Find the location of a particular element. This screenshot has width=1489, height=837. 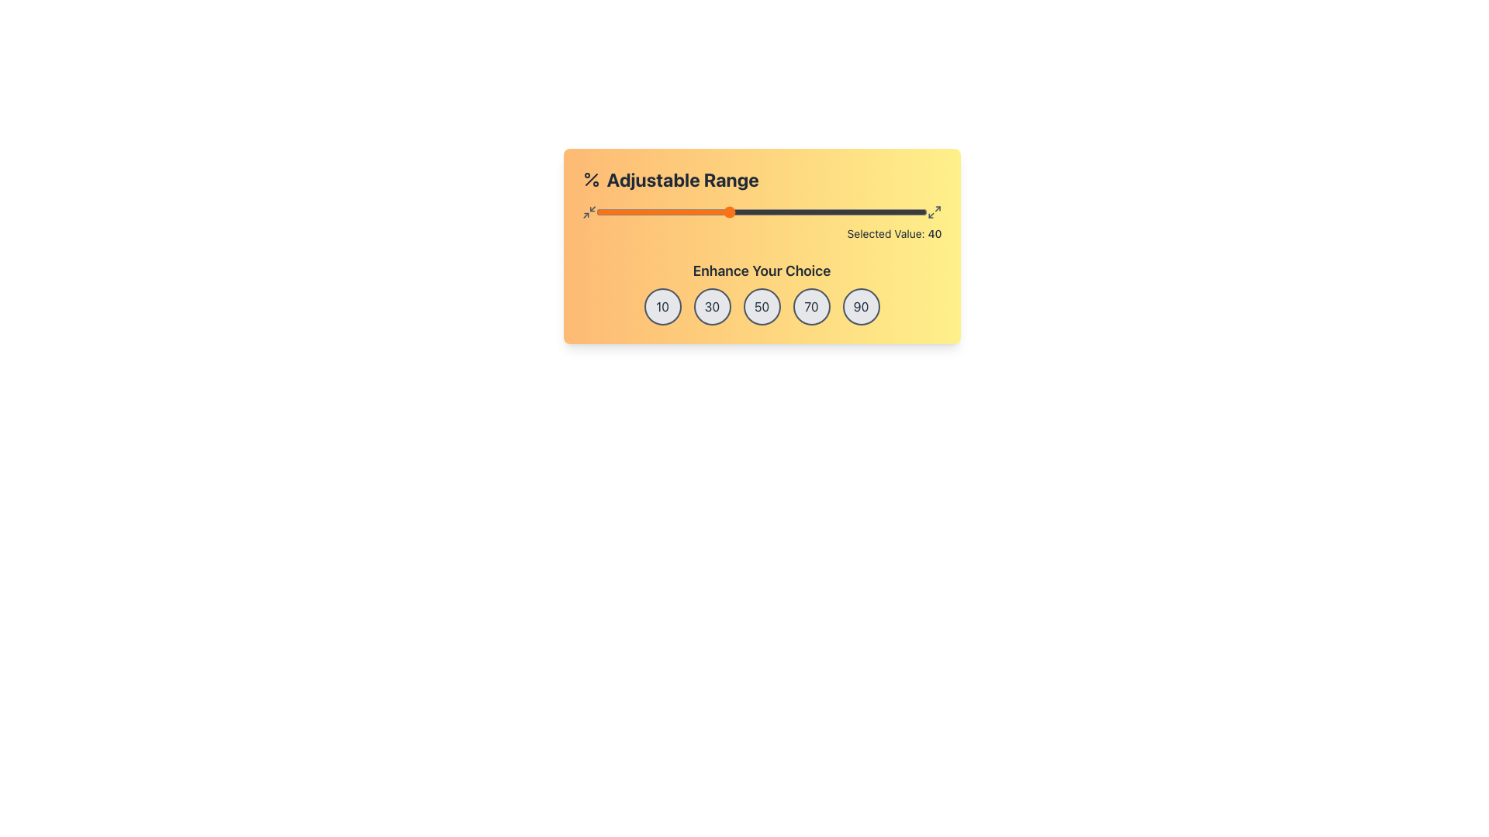

the slider value is located at coordinates (831, 212).